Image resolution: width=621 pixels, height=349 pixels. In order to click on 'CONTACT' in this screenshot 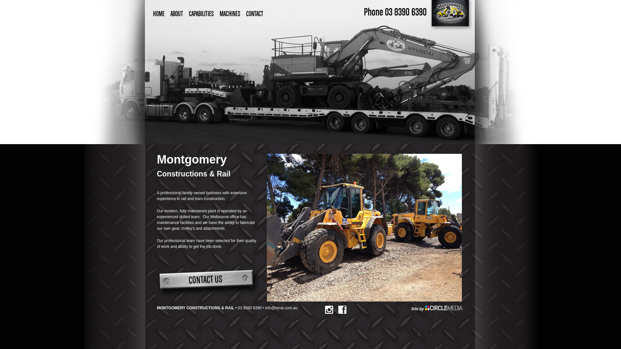, I will do `click(254, 14)`.